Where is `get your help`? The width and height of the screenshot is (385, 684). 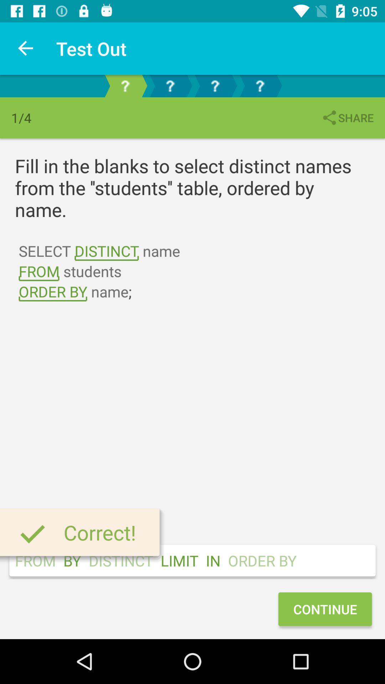 get your help is located at coordinates (260, 85).